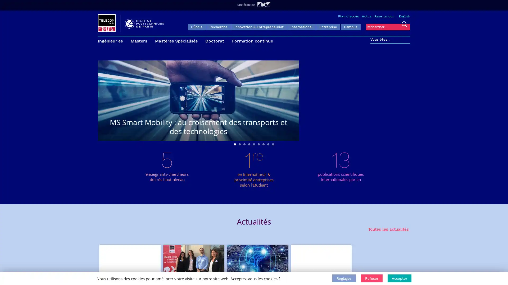 This screenshot has height=285, width=508. Describe the element at coordinates (344, 278) in the screenshot. I see `Reglages` at that location.